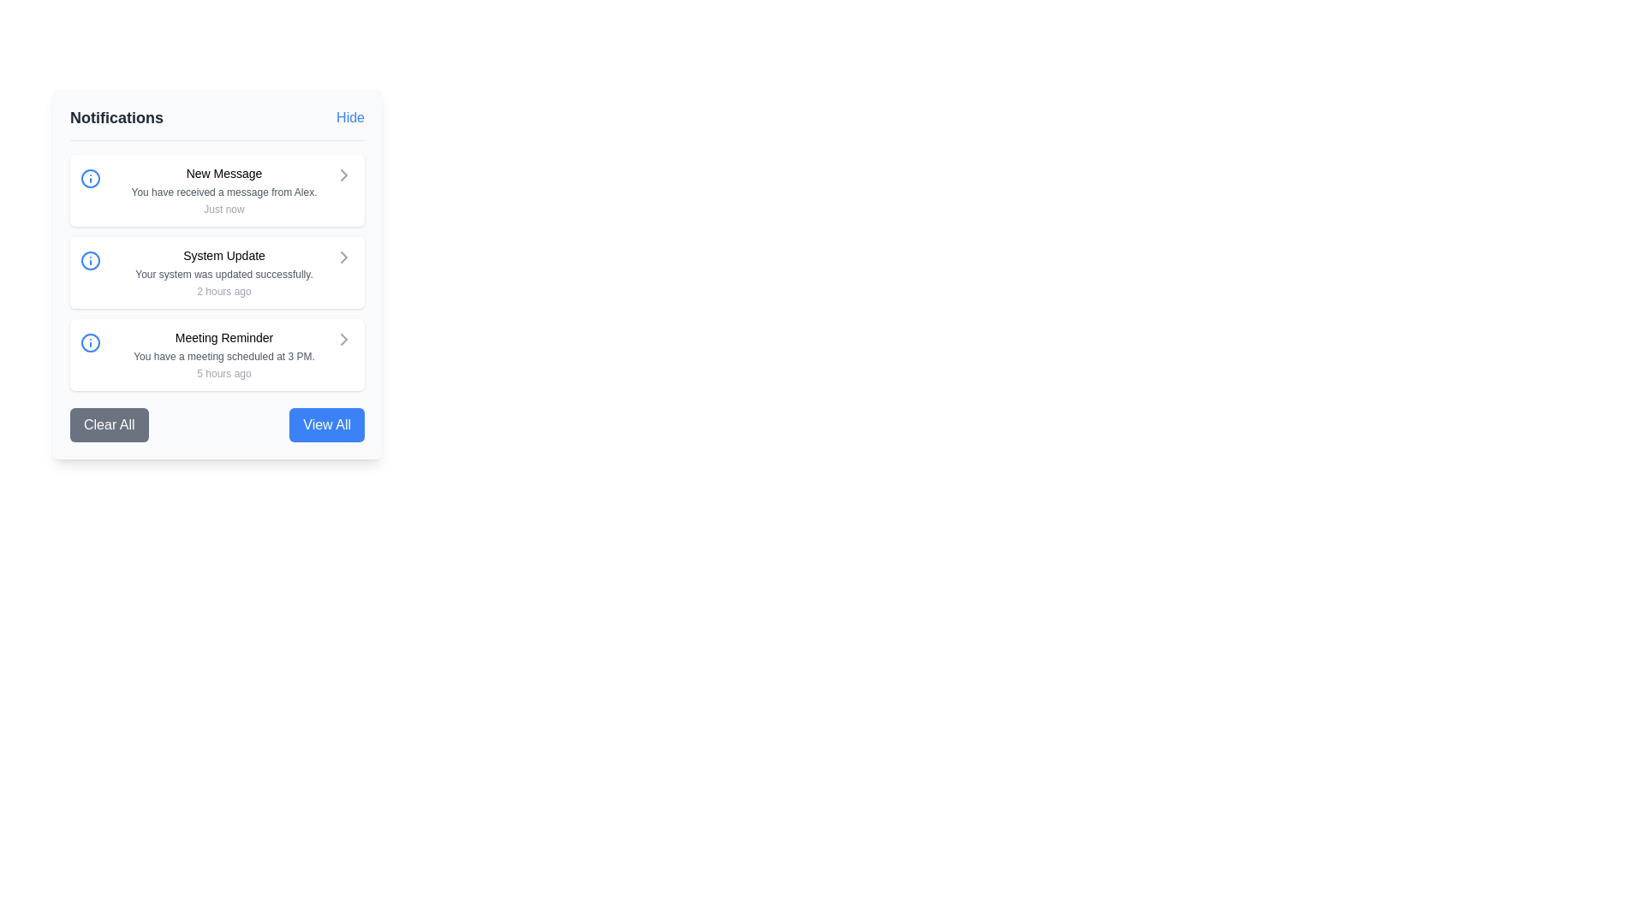 The height and width of the screenshot is (924, 1644). I want to click on message content from the Text Label located beneath the 'New Message' heading in the Notifications panel, so click(223, 192).